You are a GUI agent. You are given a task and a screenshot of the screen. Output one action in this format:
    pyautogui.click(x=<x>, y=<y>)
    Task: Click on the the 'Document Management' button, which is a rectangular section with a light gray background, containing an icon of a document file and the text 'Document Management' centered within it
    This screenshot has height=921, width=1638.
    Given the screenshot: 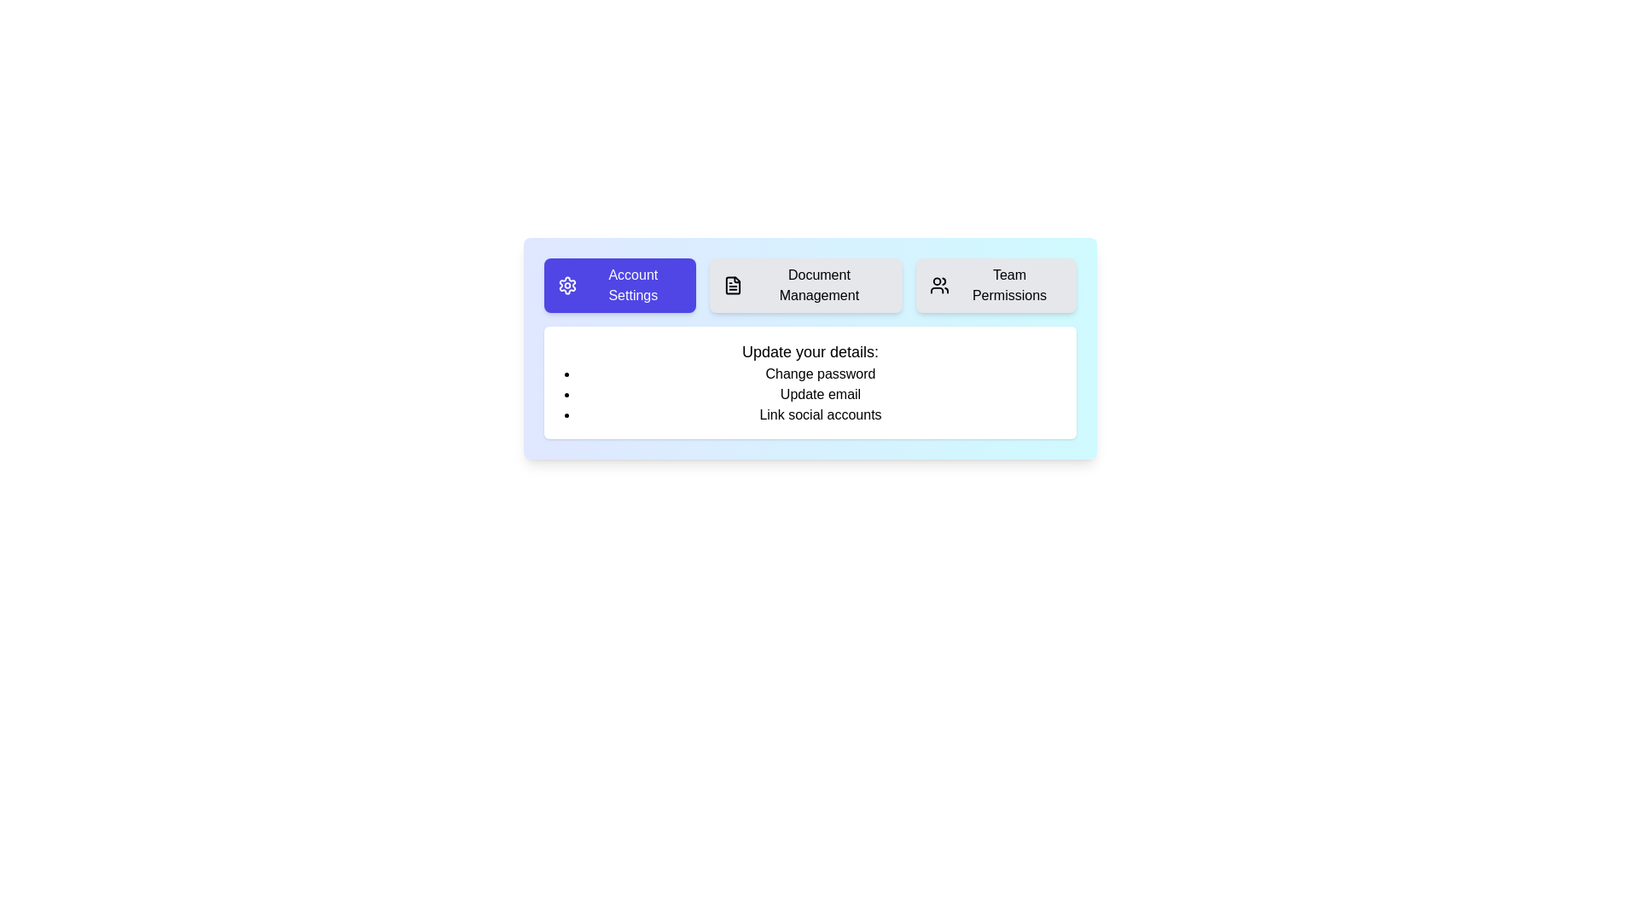 What is the action you would take?
    pyautogui.click(x=804, y=285)
    